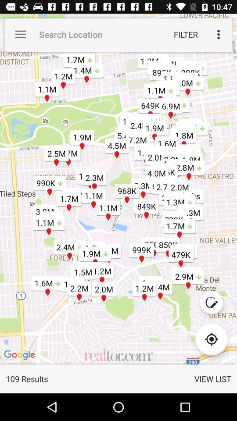 Image resolution: width=237 pixels, height=421 pixels. I want to click on the filter icon, so click(185, 34).